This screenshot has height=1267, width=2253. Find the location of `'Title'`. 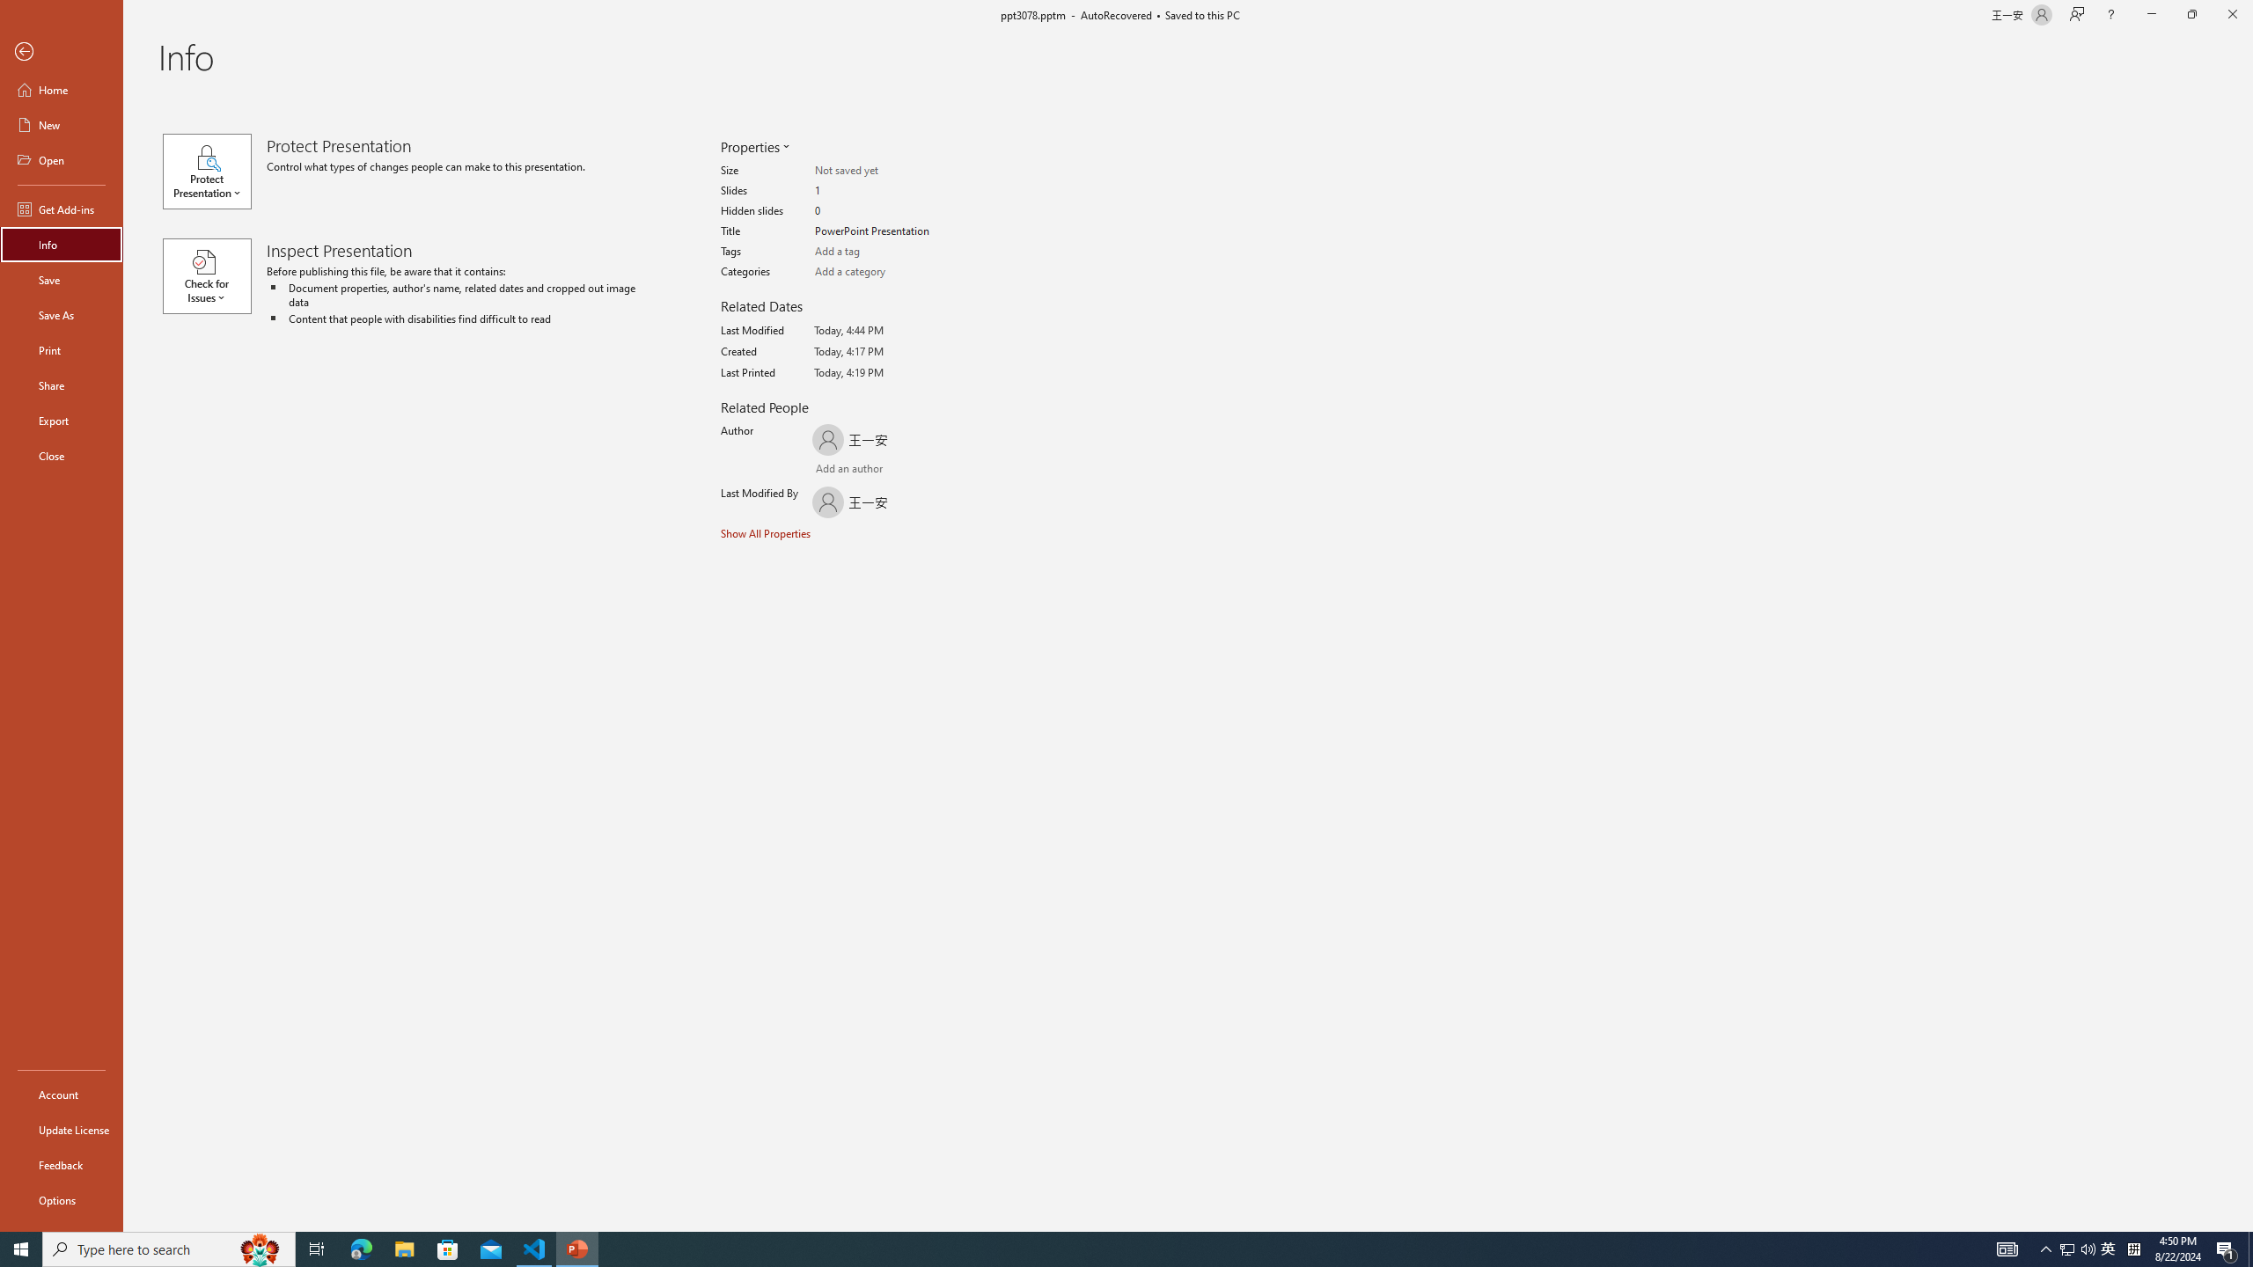

'Title' is located at coordinates (883, 231).